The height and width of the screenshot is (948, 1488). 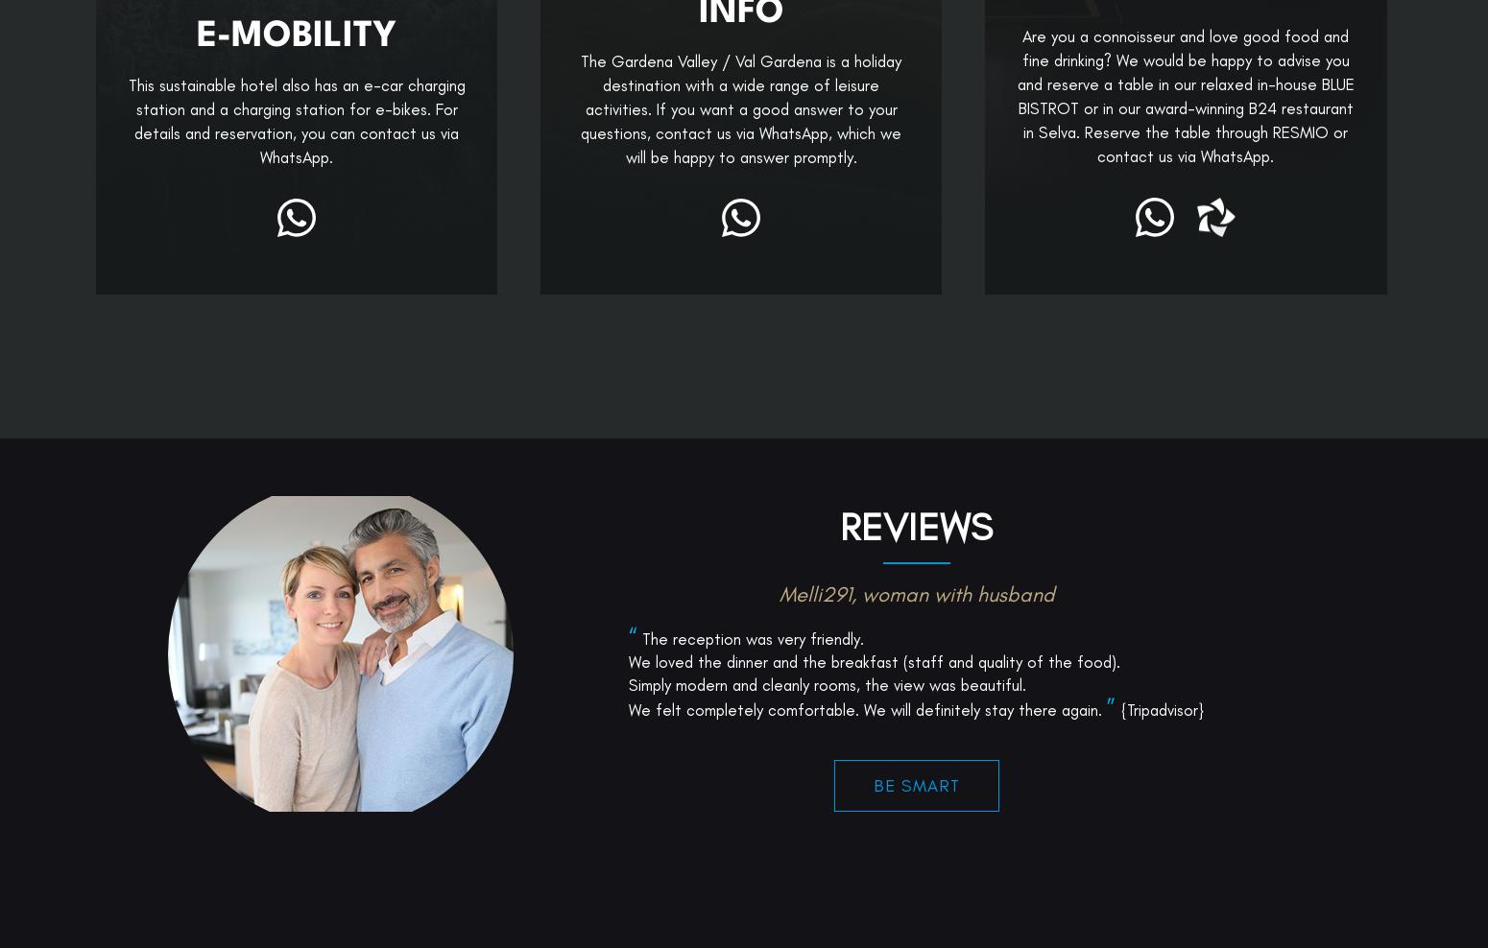 I want to click on 'But for smart people only...', so click(x=725, y=846).